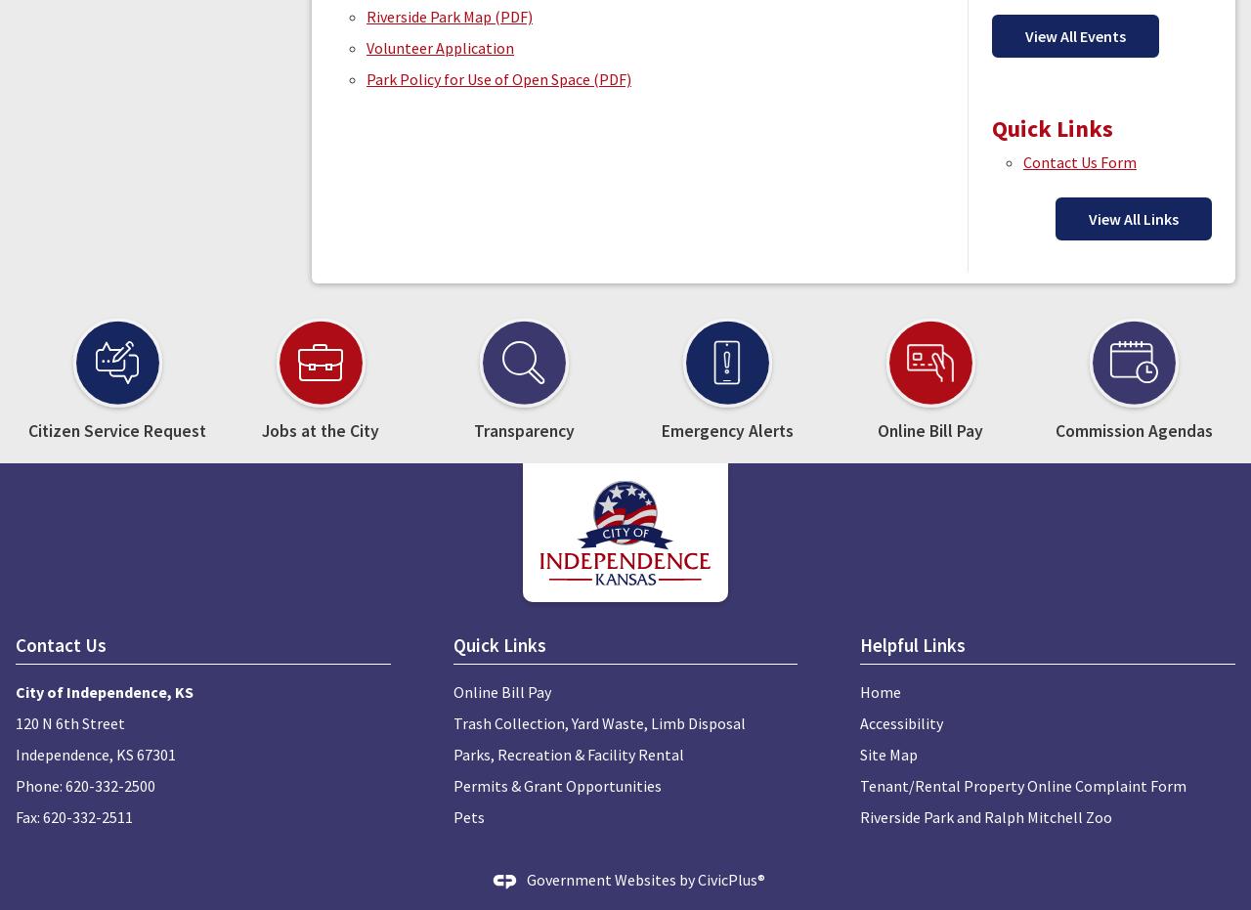 This screenshot has width=1251, height=910. Describe the element at coordinates (95, 753) in the screenshot. I see `'Independence, KS 67301'` at that location.